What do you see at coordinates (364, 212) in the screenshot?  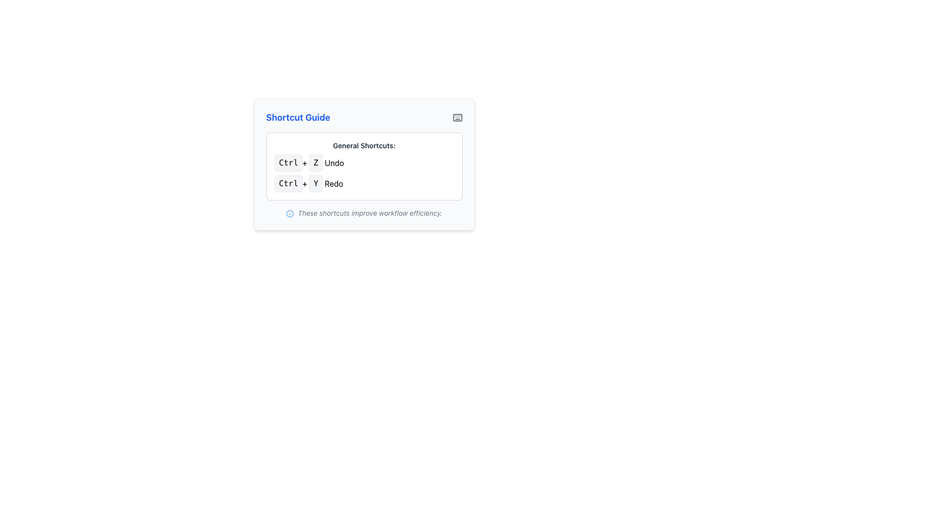 I see `the static text element with an accompanying blue-tinted icon located at the bottom of the content area displaying shortcuts, which is styled in a smaller italicized font` at bounding box center [364, 212].